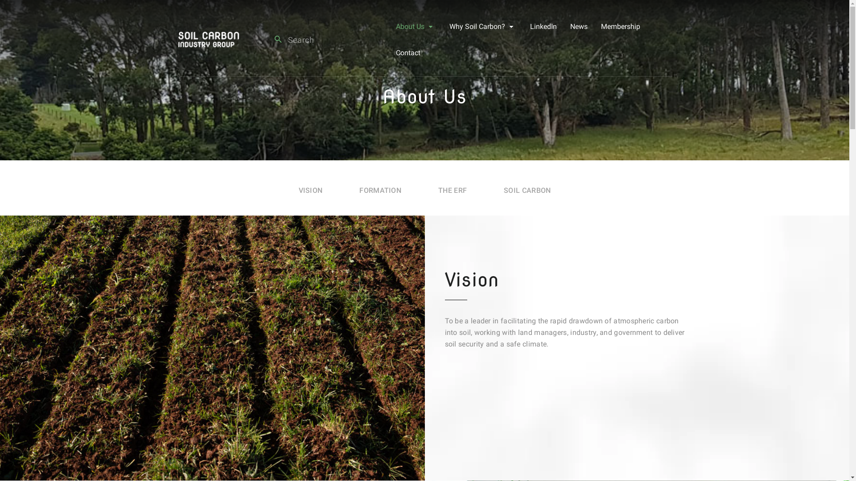  Describe the element at coordinates (407, 53) in the screenshot. I see `'Contact'` at that location.